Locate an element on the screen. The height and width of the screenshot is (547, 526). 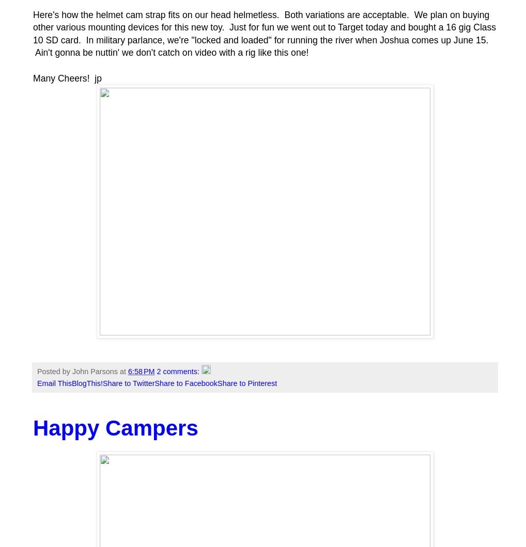
'Here's how the helmet cam strap fits on our head helmetless.  Both variations are acceptable.  We plan on buying other various mounting devices for this new toy.  Just for fun we went out to Target today and bought a 16 gig Class 10 SD card.  In military parlance, we're "locked and loaded" for running the river when Joshua comes up June 15.  Ain't gonna be nuttin' we don't catch on video with a rig like this one!' is located at coordinates (264, 33).